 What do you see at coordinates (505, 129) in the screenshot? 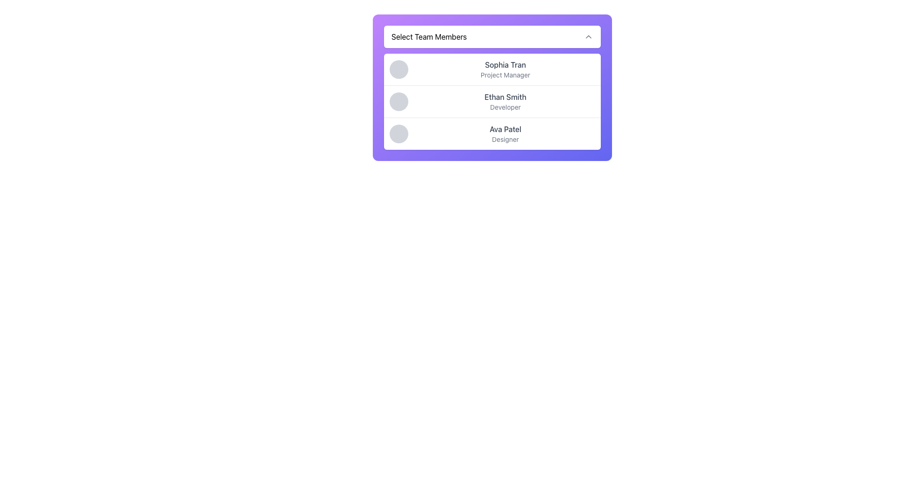
I see `the text label displaying 'Ava Patel', which is the third entry in the list of team members` at bounding box center [505, 129].